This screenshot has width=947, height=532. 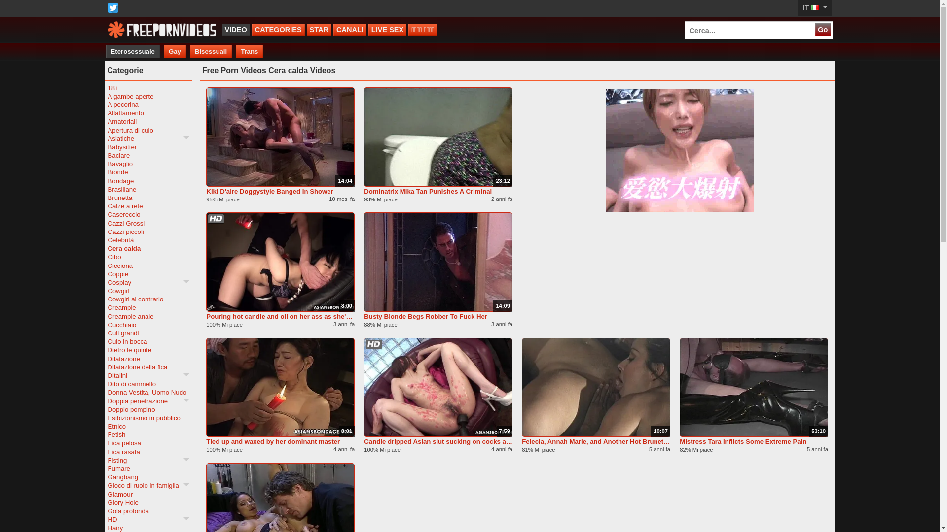 What do you see at coordinates (148, 163) in the screenshot?
I see `'Bavaglio'` at bounding box center [148, 163].